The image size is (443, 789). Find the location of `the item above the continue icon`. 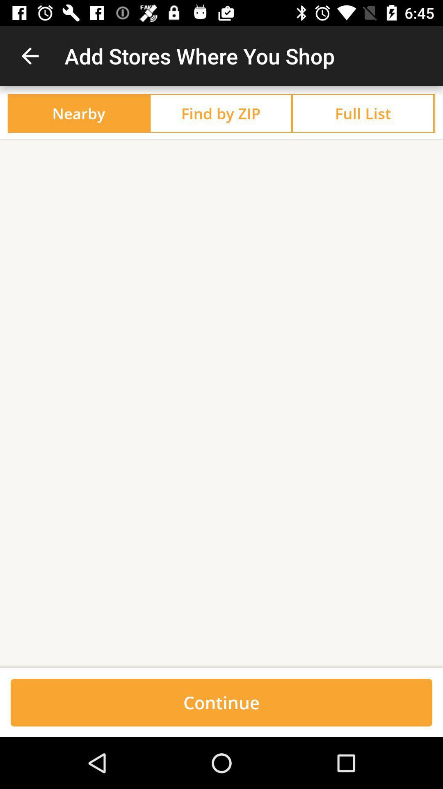

the item above the continue icon is located at coordinates (221, 665).